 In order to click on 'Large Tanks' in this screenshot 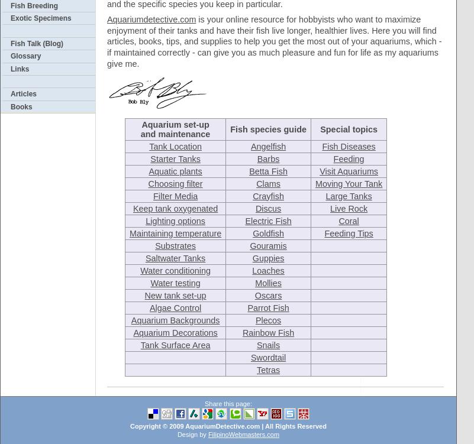, I will do `click(348, 195)`.